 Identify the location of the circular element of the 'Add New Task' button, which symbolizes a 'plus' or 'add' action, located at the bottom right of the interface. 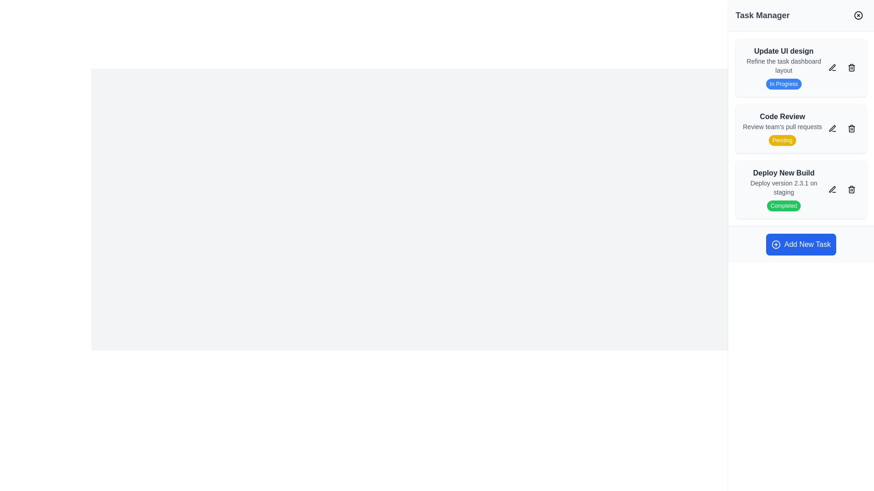
(775, 244).